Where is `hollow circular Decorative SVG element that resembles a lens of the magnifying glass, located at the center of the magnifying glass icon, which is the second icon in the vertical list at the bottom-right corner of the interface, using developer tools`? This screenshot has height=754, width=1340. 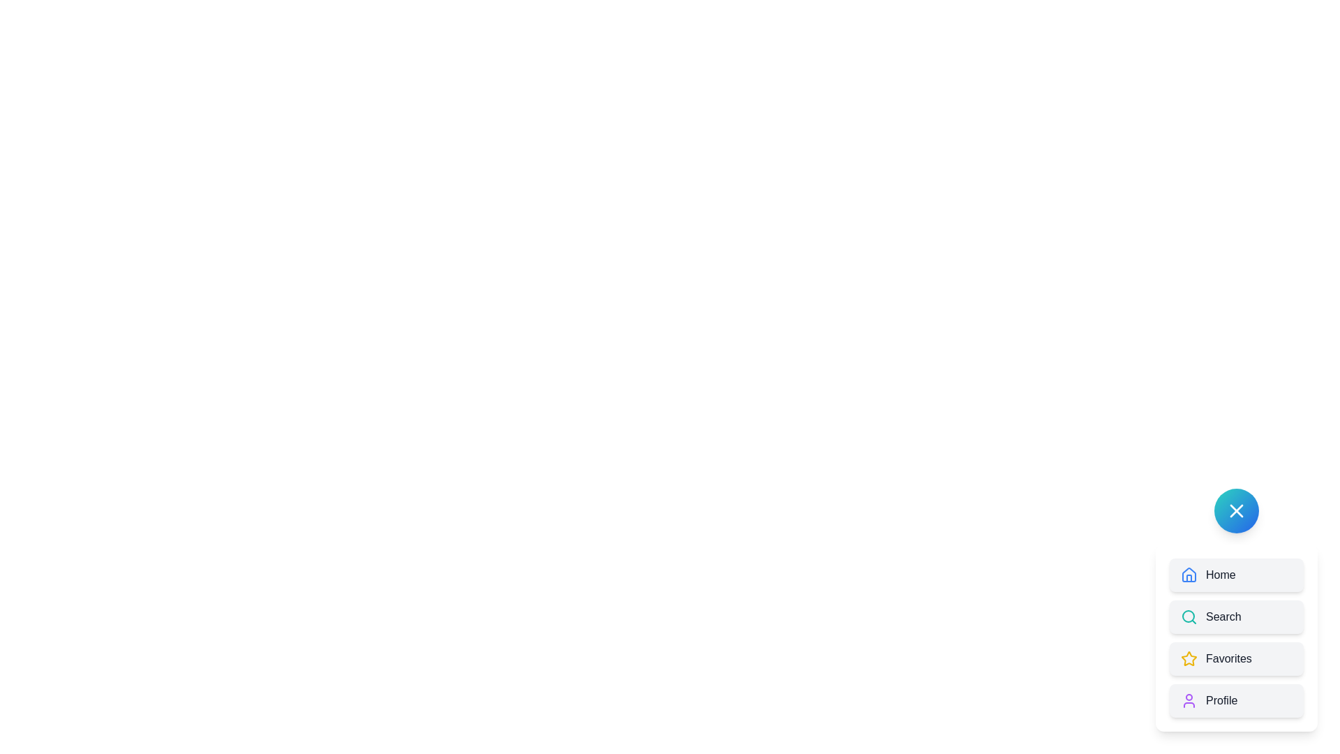 hollow circular Decorative SVG element that resembles a lens of the magnifying glass, located at the center of the magnifying glass icon, which is the second icon in the vertical list at the bottom-right corner of the interface, using developer tools is located at coordinates (1188, 616).